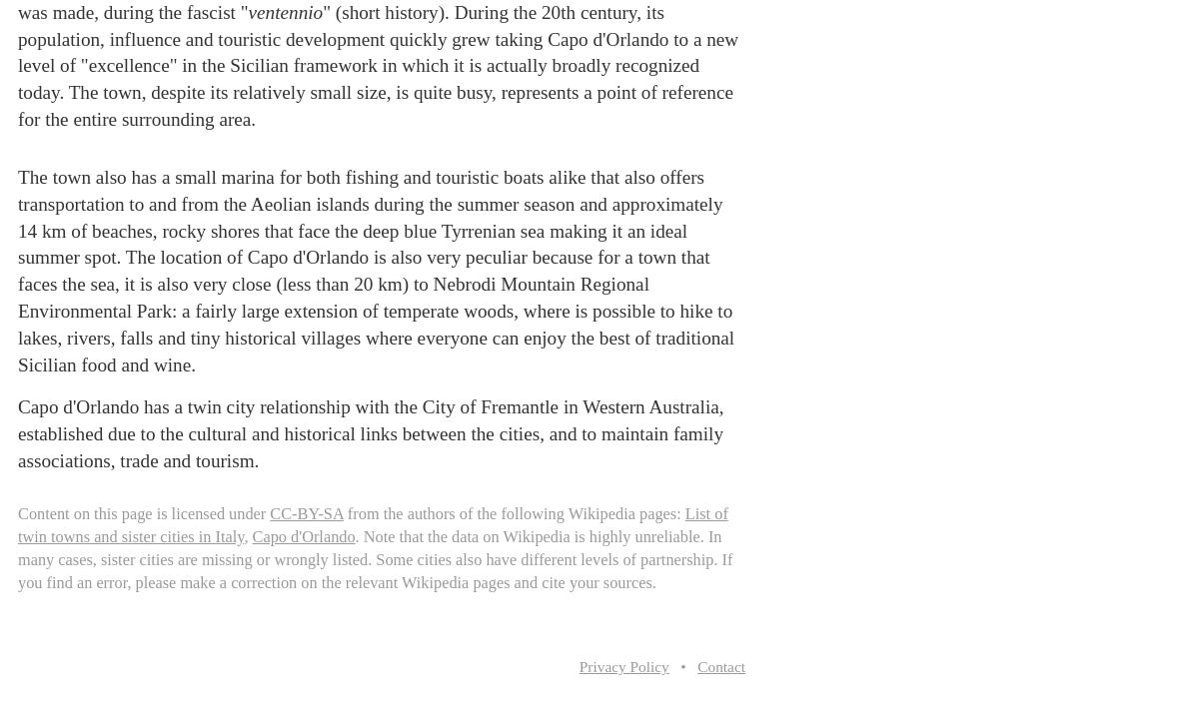 This screenshot has width=1199, height=723. Describe the element at coordinates (303, 535) in the screenshot. I see `'Capo d'Orlando'` at that location.